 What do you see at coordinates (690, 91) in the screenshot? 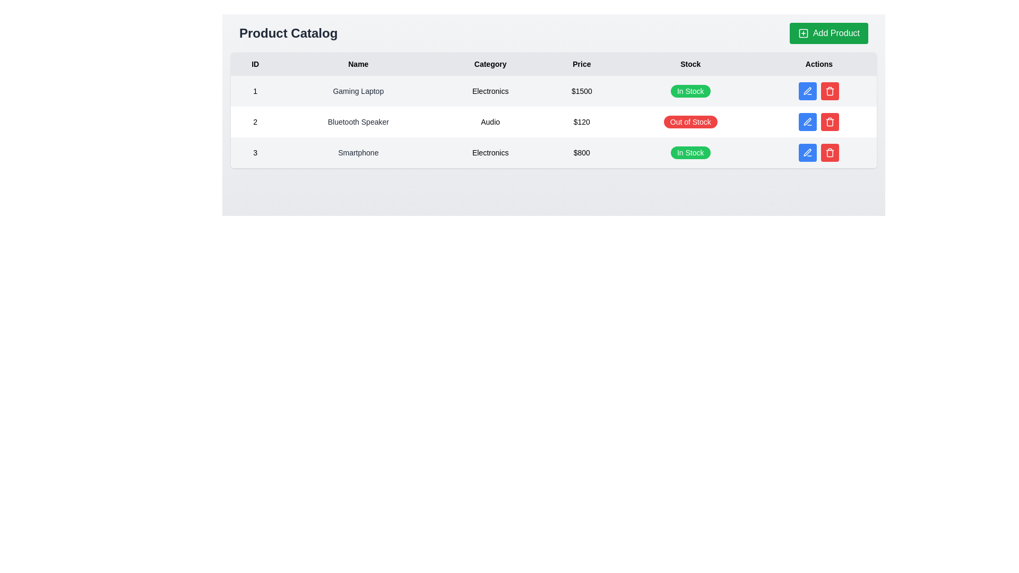
I see `the Status indicator label in the 'Stock' column of the product table for 'Gaming Laptop', which indicates the stock status of the product` at bounding box center [690, 91].